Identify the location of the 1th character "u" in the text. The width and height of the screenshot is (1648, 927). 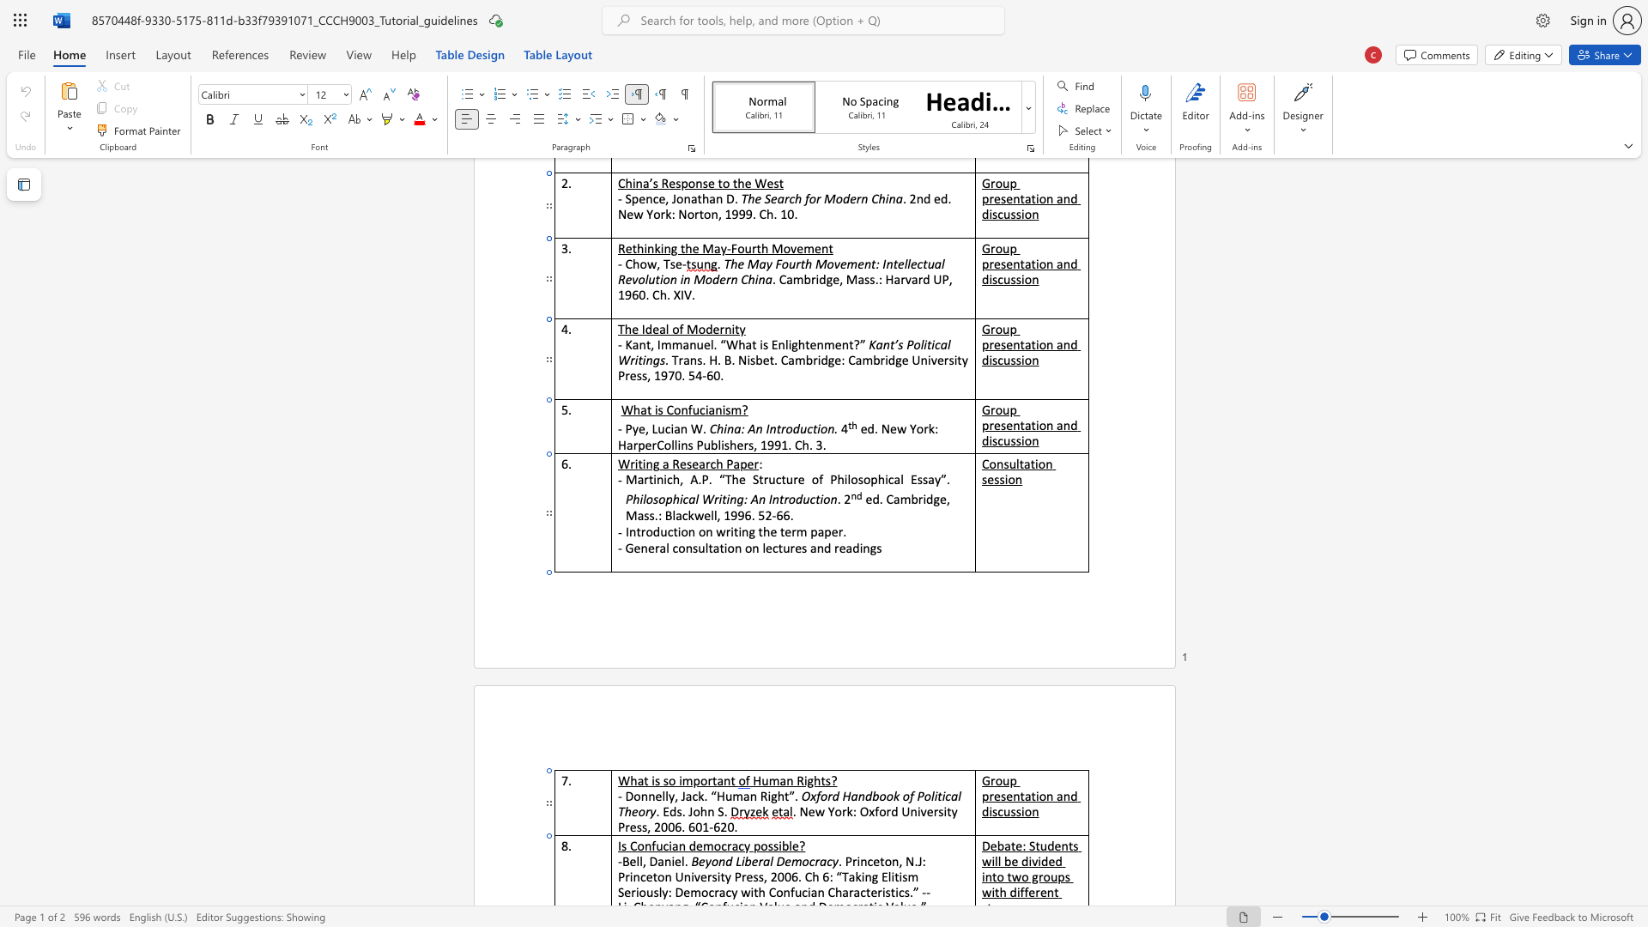
(1006, 780).